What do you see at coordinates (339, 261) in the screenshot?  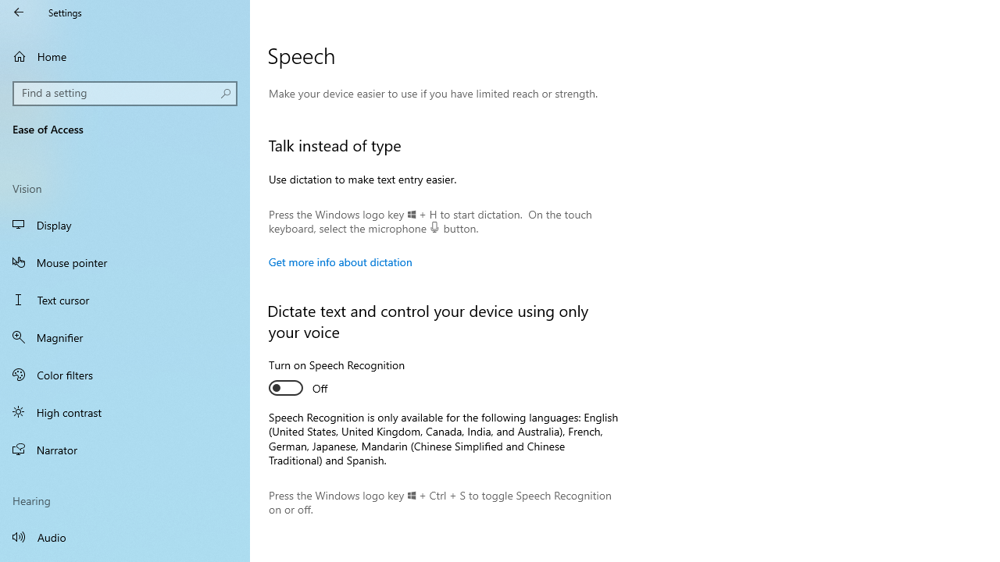 I see `'Get more info about dictation'` at bounding box center [339, 261].